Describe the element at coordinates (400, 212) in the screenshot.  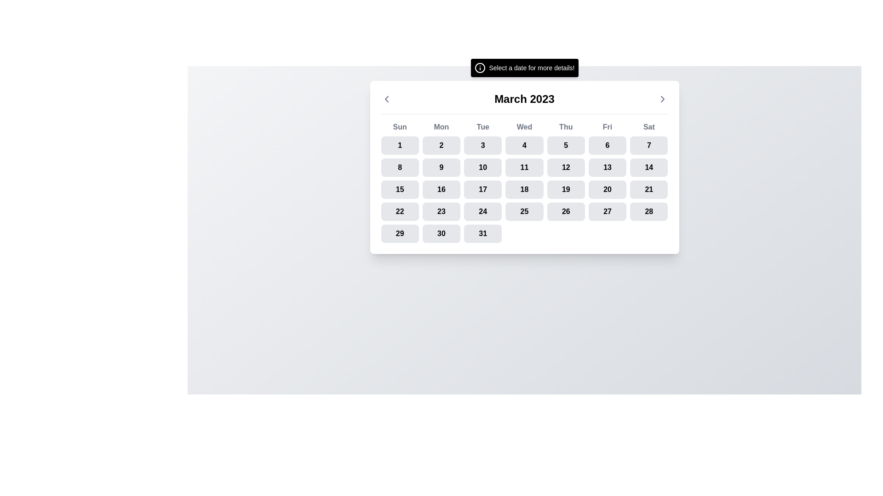
I see `the button displaying the number '22' with a gray background located in the calendar grid under 'Wed'` at that location.